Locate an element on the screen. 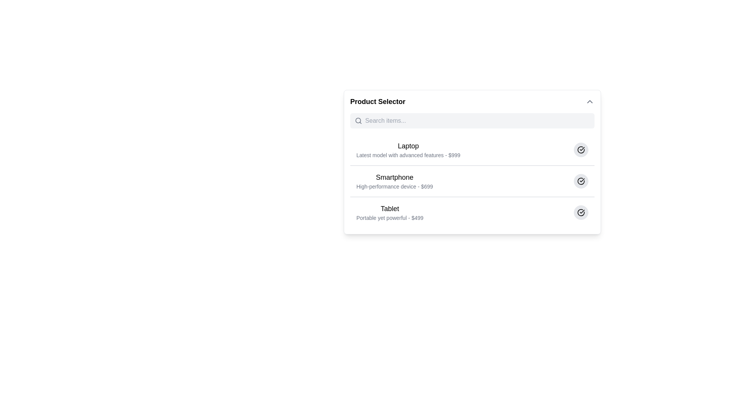 The height and width of the screenshot is (413, 735). the circular check mark icon on the far right side of the list item labeled 'Smartphone - High-performance device - $699' is located at coordinates (581, 181).